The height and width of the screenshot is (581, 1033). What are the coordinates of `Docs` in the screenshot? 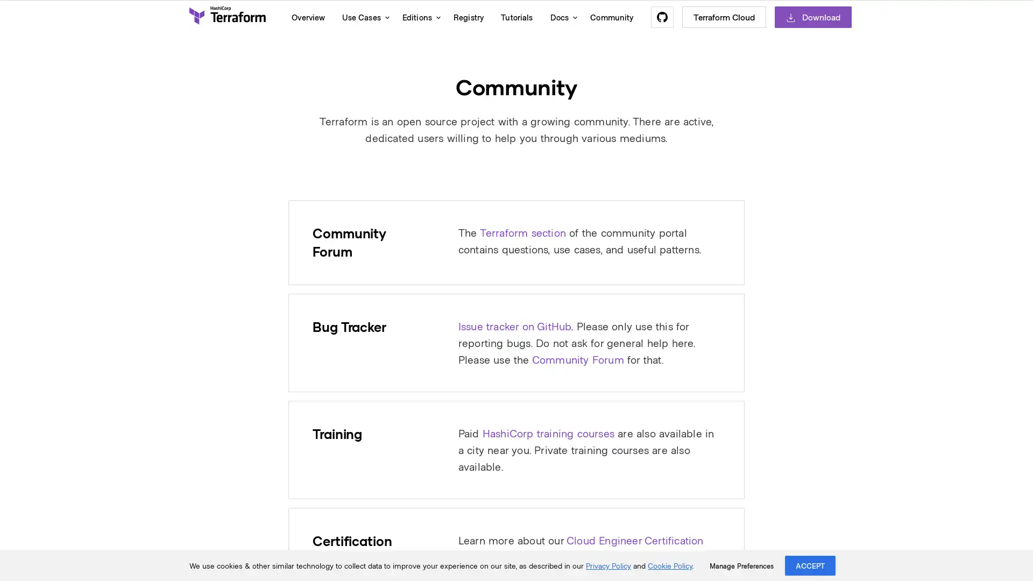 It's located at (561, 17).